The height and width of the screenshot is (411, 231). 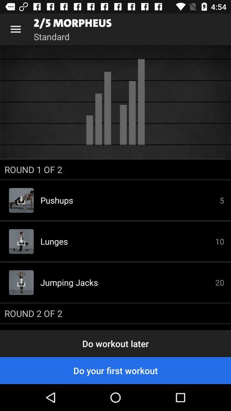 I want to click on download icon on image which is left to text lunges, so click(x=21, y=241).